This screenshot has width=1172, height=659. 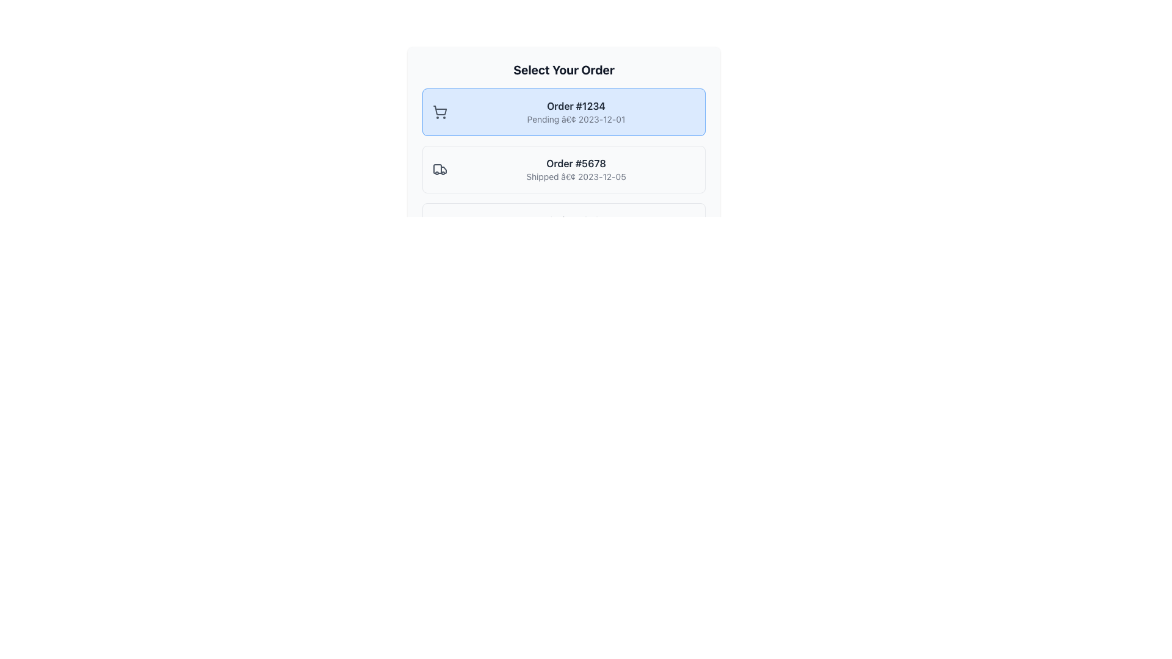 What do you see at coordinates (576, 176) in the screenshot?
I see `the static text label displaying 'Shipped • 2023-12-05', which is positioned under the title 'Order #5678'` at bounding box center [576, 176].